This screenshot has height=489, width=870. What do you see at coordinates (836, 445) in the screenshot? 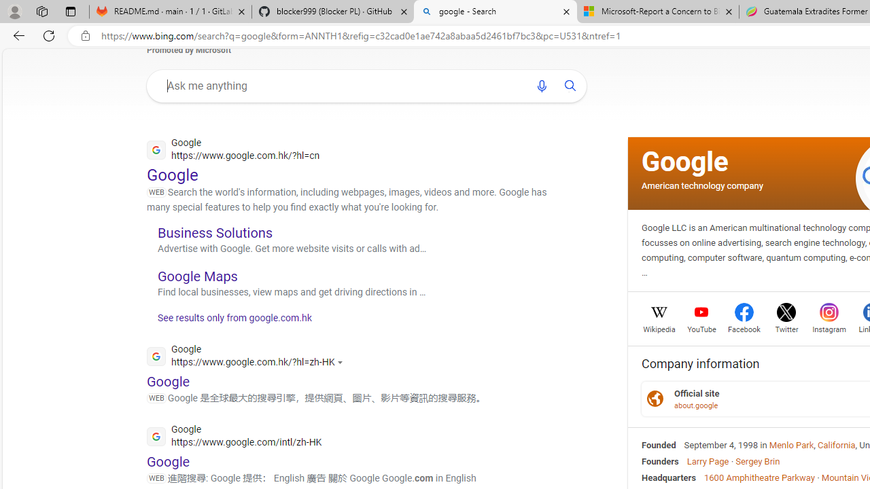
I see `'California'` at bounding box center [836, 445].